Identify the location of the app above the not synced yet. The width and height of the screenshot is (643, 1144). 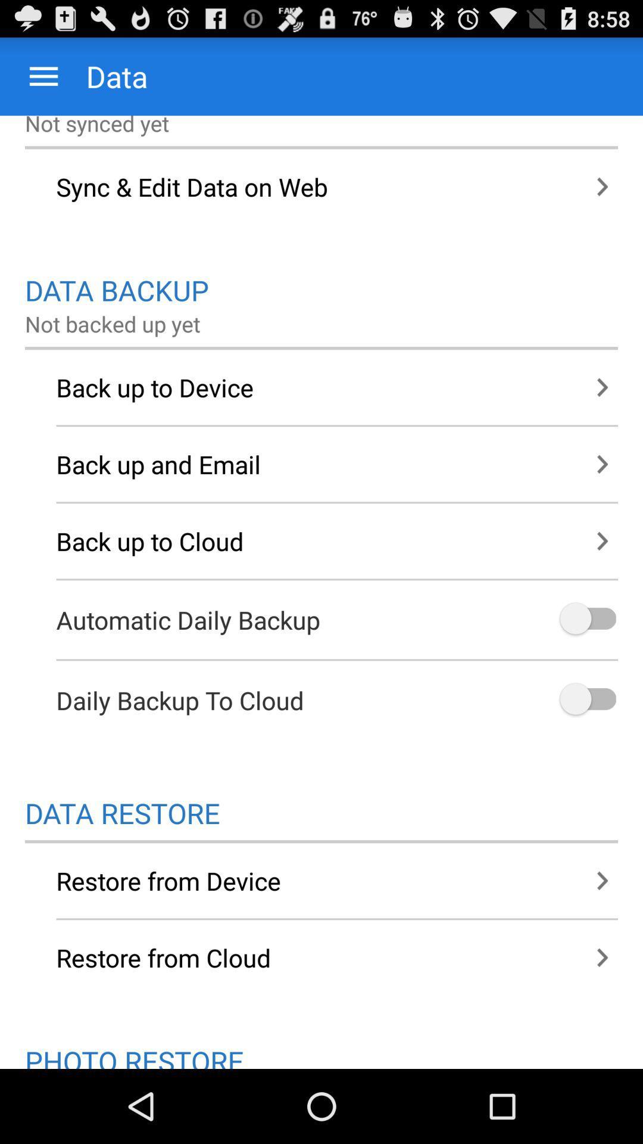
(43, 76).